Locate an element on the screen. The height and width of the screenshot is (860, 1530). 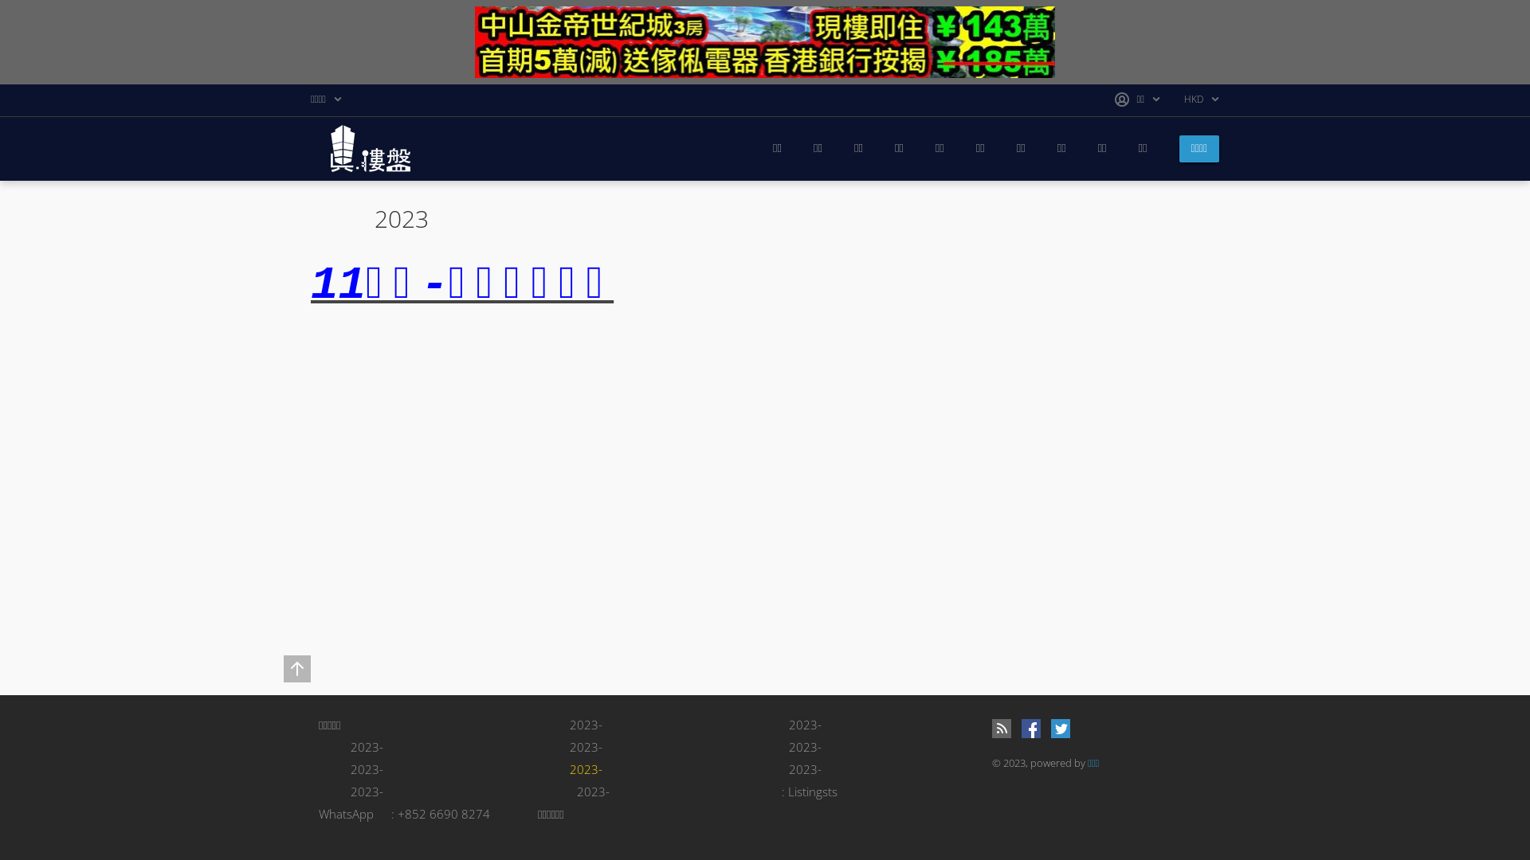
'Subscribe to RSS-feed' is located at coordinates (1001, 728).